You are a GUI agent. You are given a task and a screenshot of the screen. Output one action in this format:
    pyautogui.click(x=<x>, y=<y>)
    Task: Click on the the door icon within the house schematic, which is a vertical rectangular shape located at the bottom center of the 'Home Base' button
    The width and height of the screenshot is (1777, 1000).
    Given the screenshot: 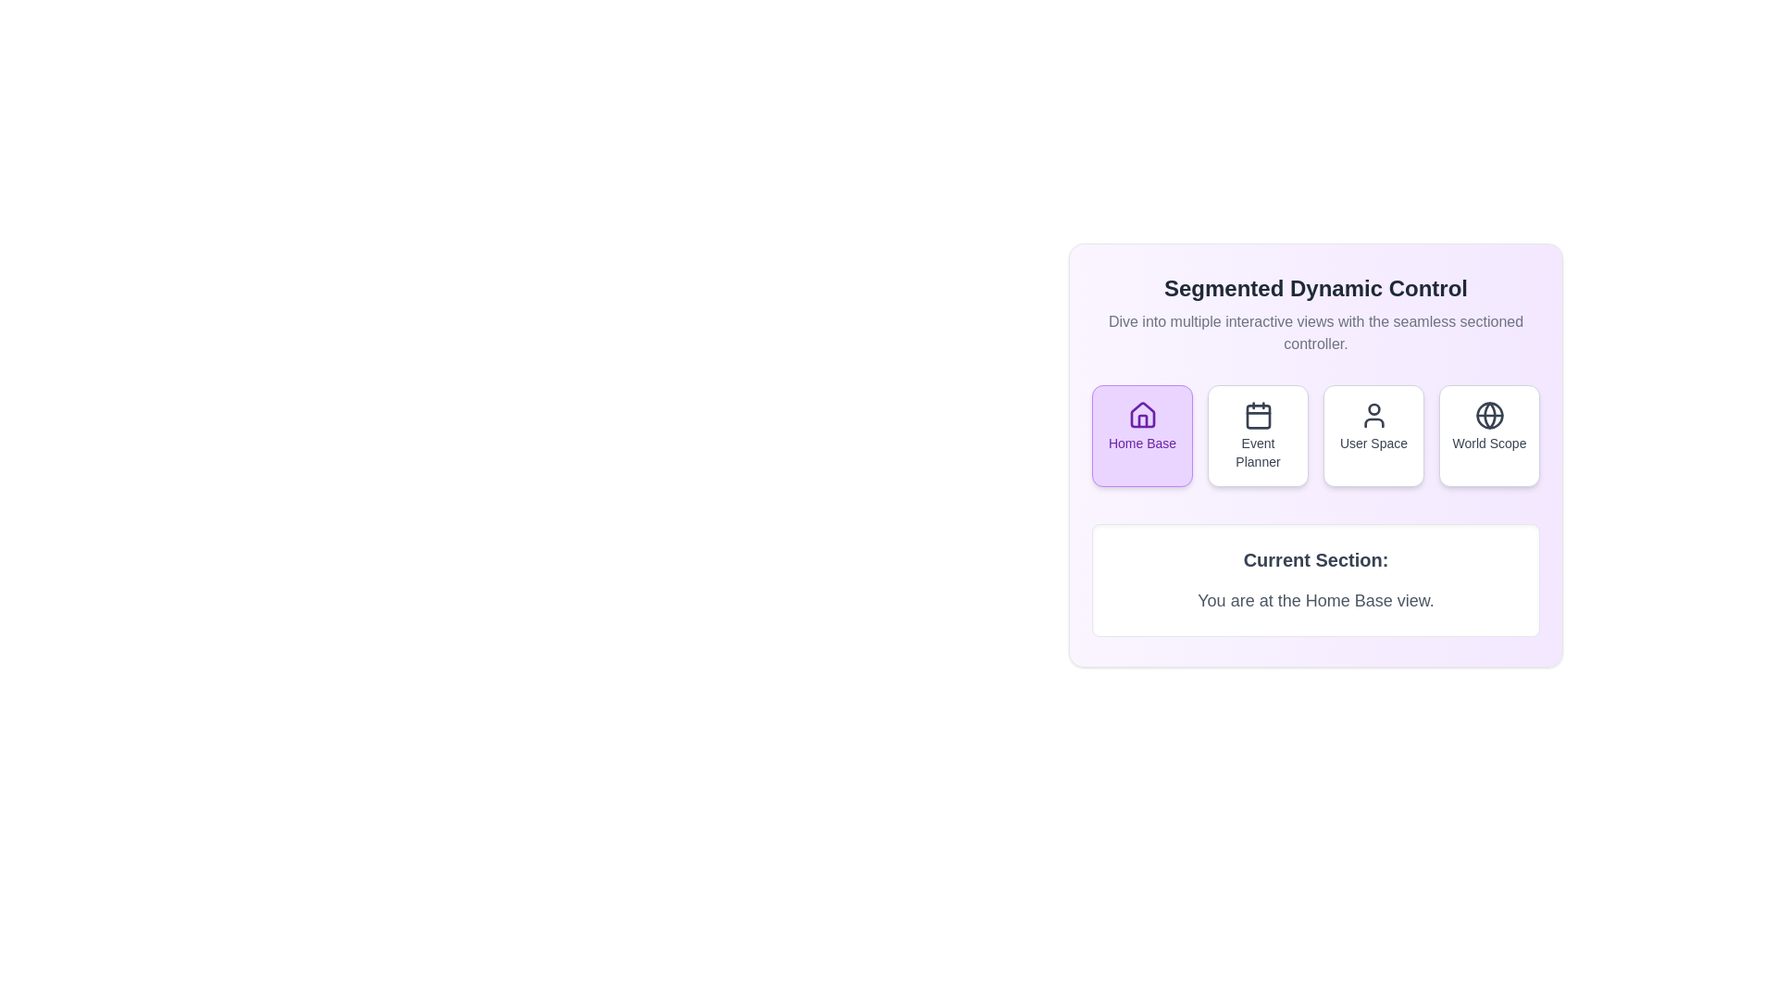 What is the action you would take?
    pyautogui.click(x=1141, y=421)
    